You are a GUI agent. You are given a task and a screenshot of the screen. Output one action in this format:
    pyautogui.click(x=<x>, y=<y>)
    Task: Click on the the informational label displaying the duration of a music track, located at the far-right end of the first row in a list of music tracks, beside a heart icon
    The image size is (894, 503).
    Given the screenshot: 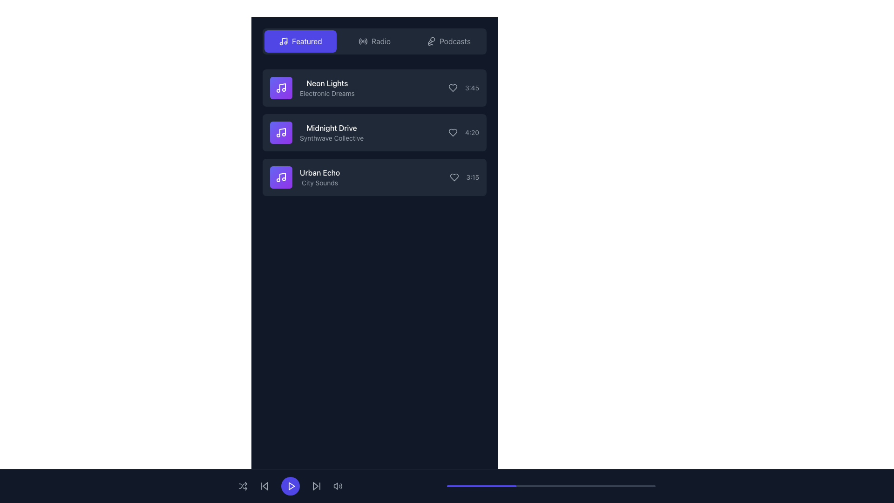 What is the action you would take?
    pyautogui.click(x=472, y=88)
    